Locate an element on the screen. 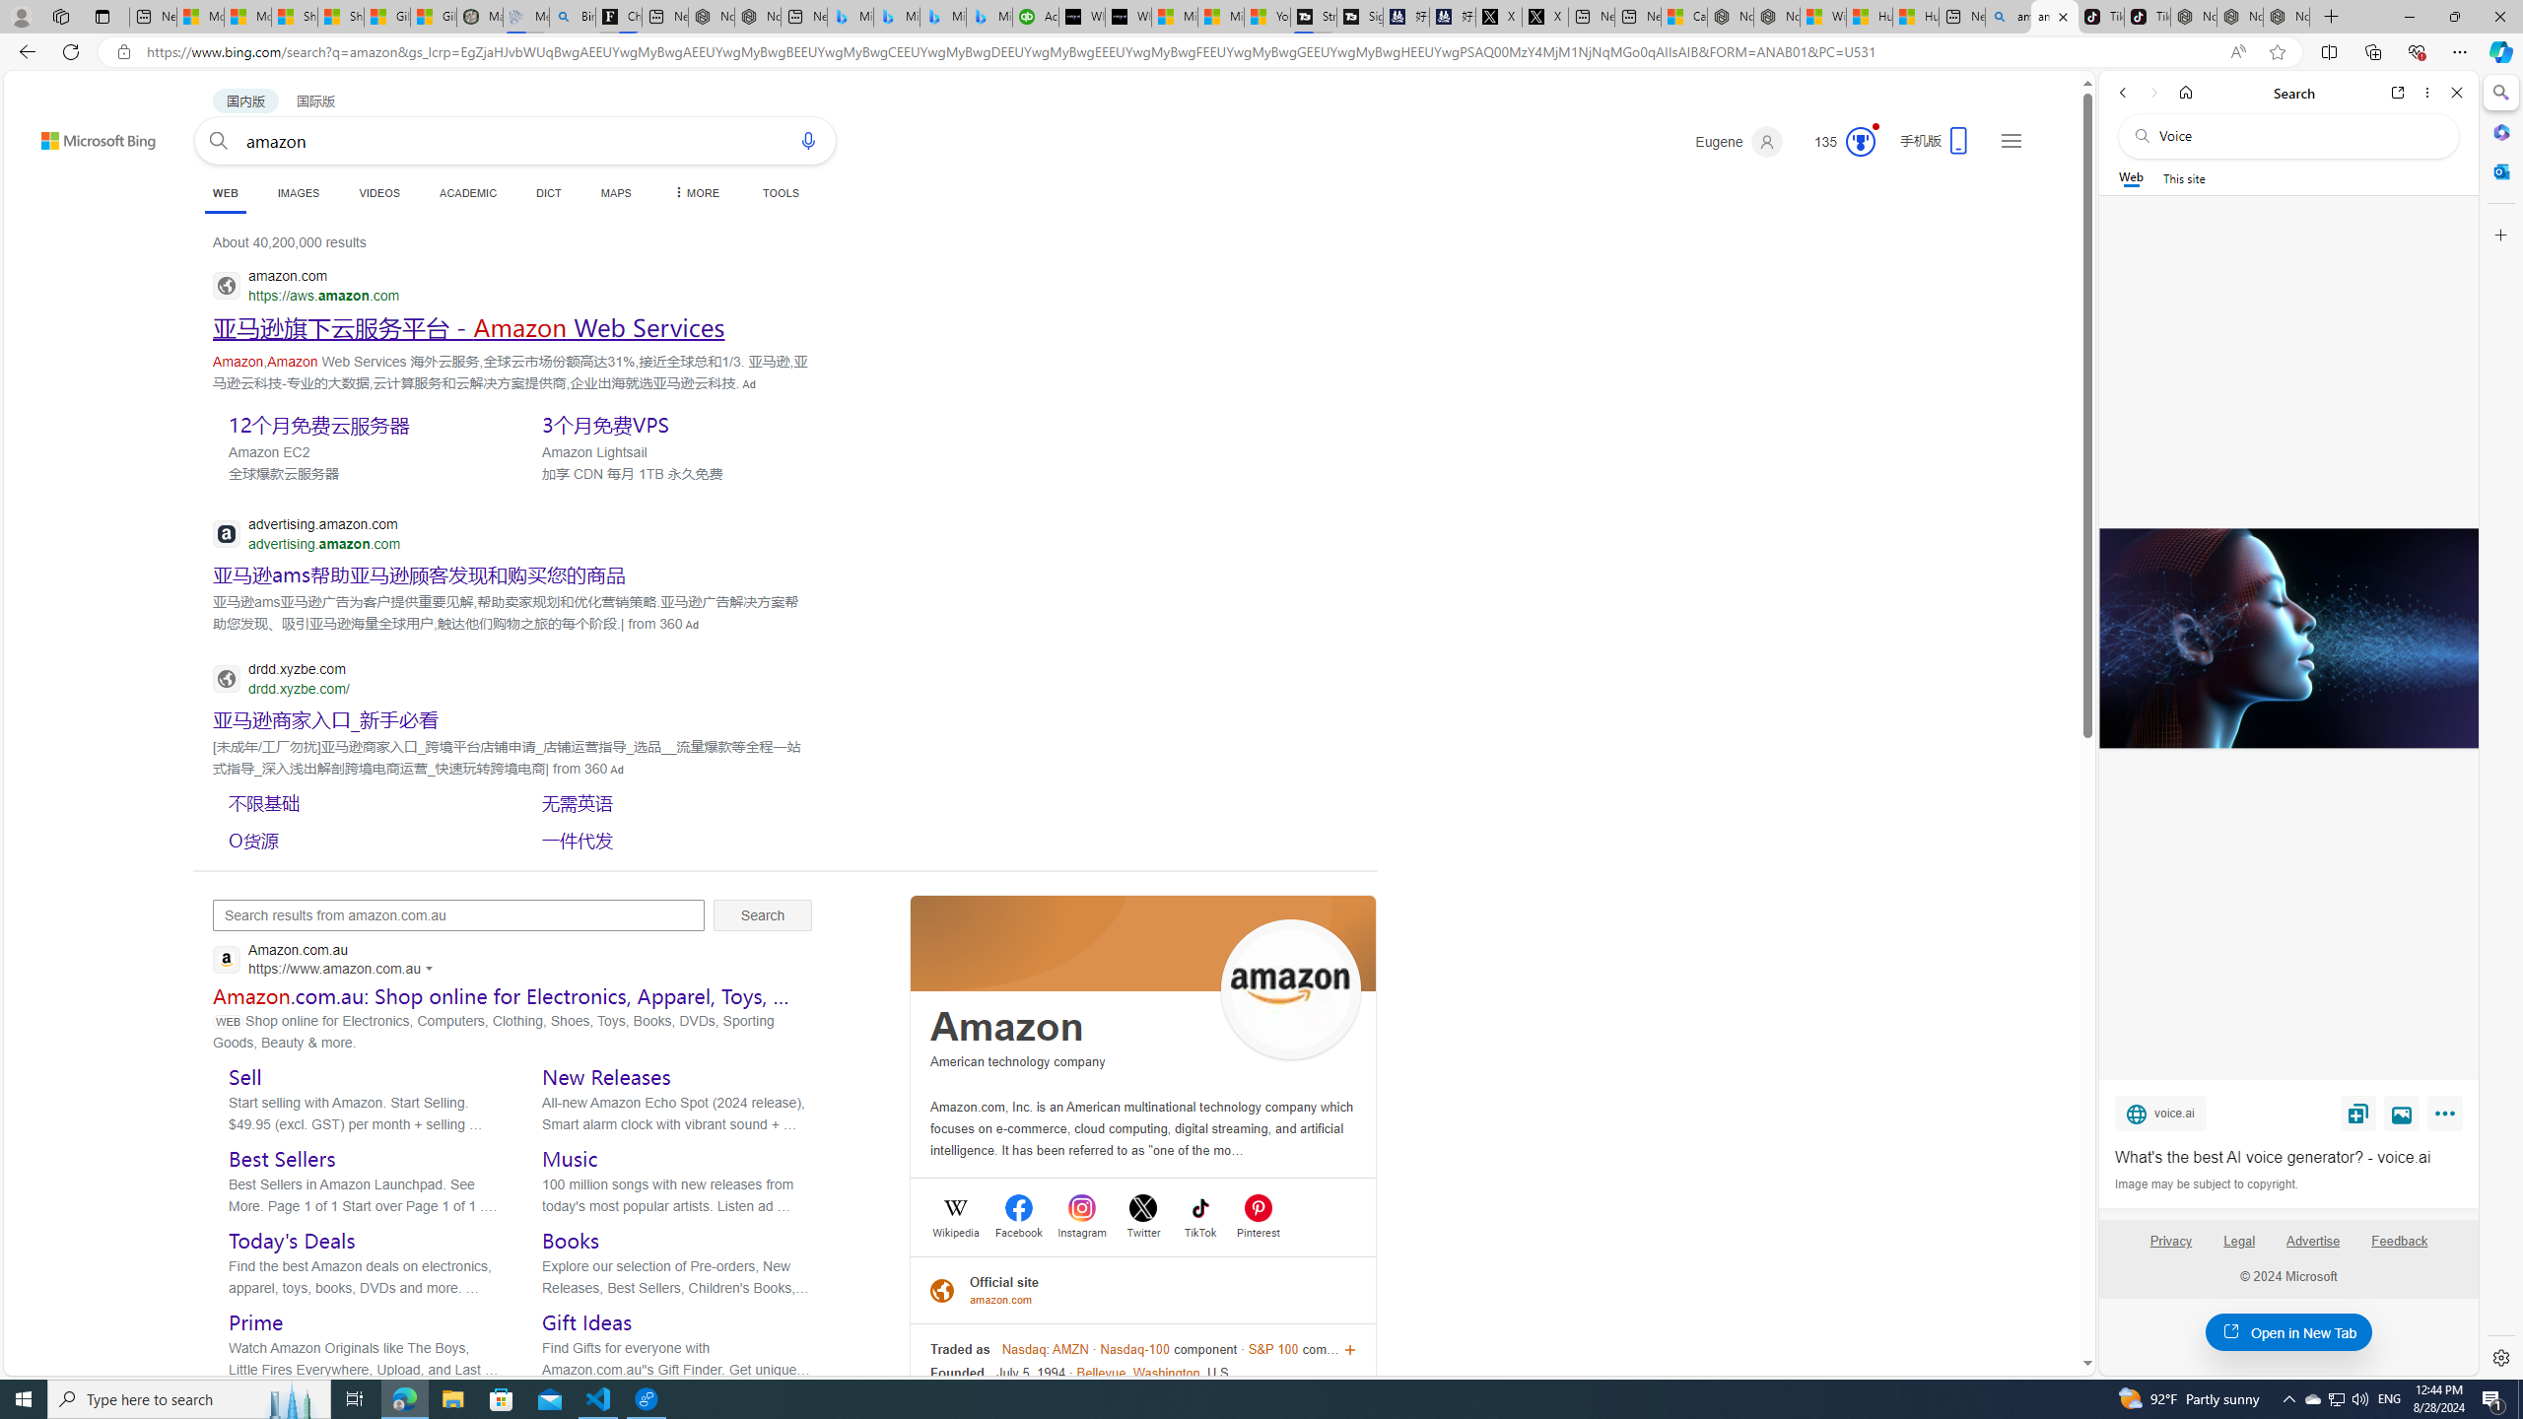 The image size is (2523, 1419). 'Outlook' is located at coordinates (2498, 169).